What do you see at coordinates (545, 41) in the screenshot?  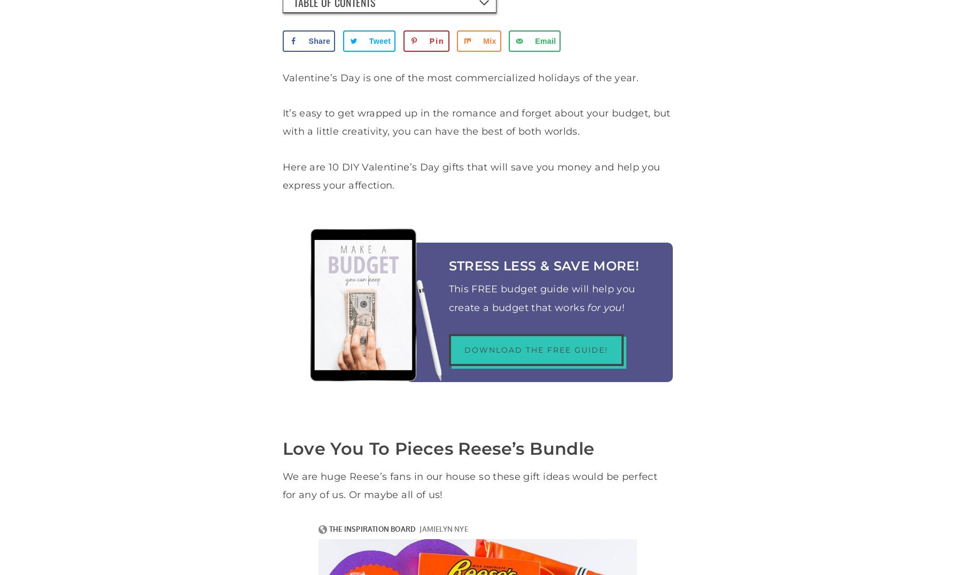 I see `'Email'` at bounding box center [545, 41].